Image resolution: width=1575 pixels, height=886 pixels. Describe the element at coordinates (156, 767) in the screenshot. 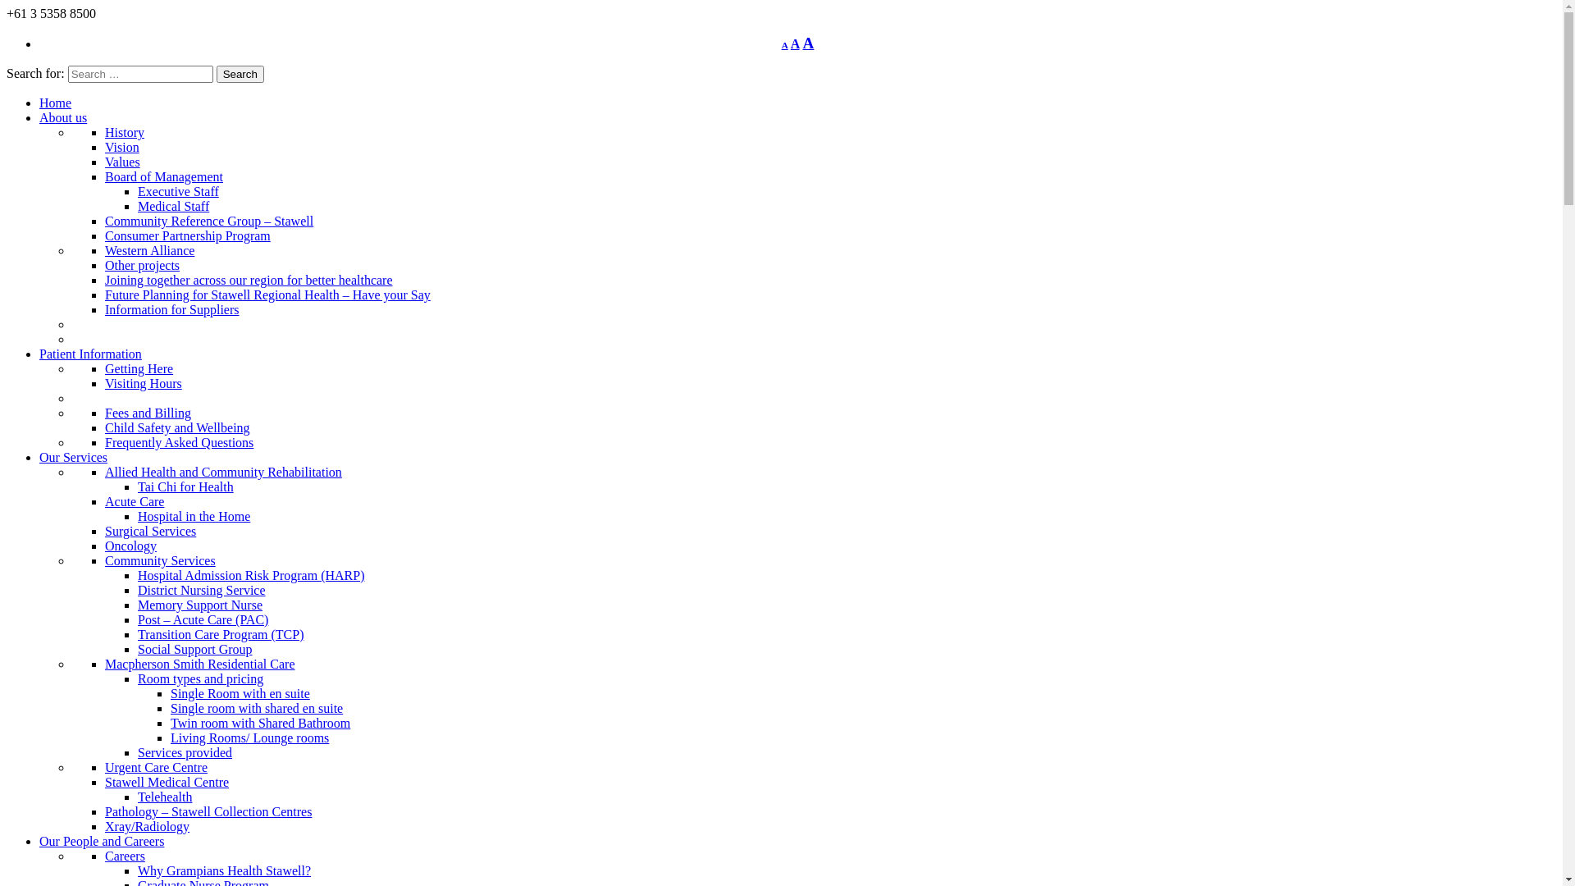

I see `'Urgent Care Centre'` at that location.